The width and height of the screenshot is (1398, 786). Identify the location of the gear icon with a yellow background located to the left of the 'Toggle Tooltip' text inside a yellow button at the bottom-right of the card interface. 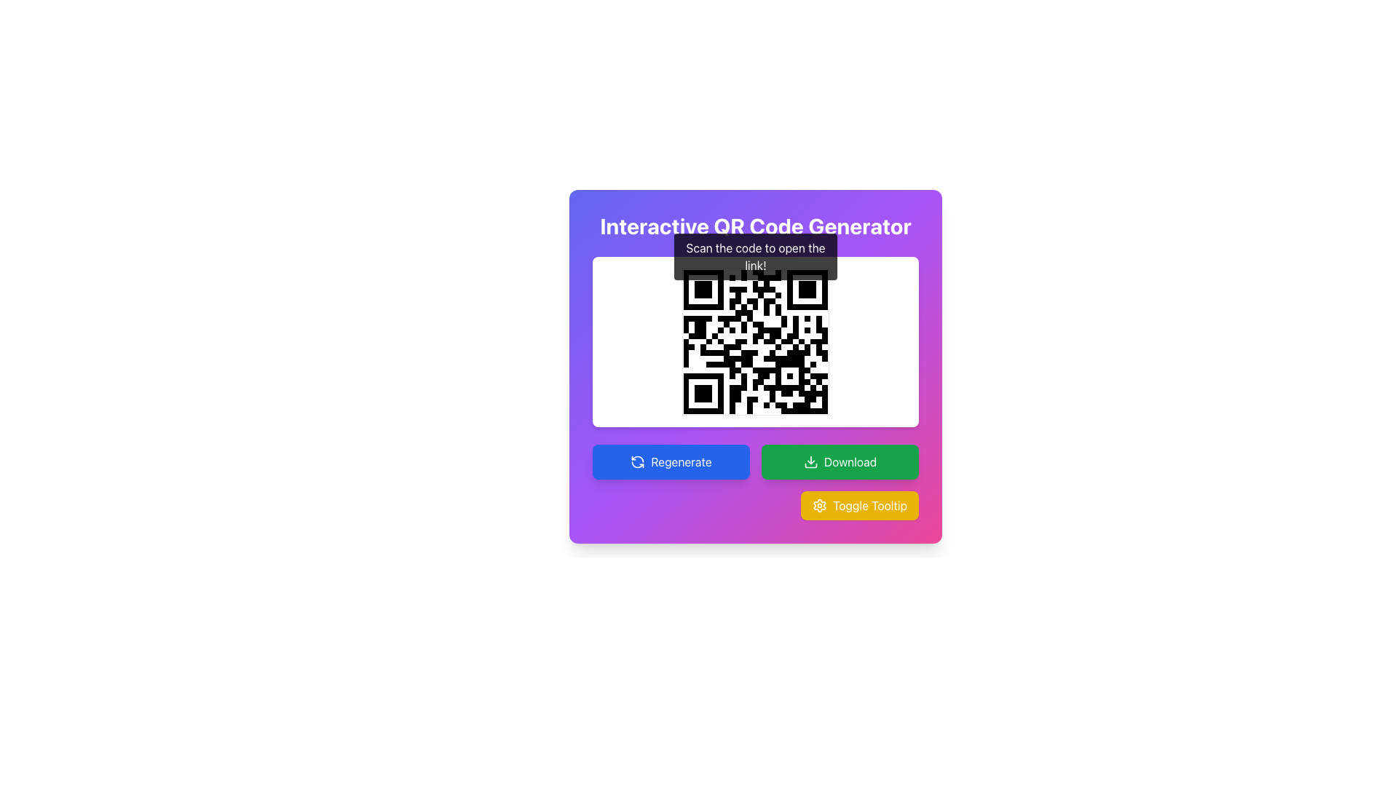
(820, 504).